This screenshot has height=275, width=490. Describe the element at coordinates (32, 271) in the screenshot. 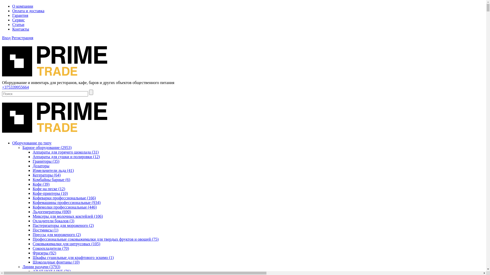

I see `'ABAT HOT-LINE (76)'` at that location.